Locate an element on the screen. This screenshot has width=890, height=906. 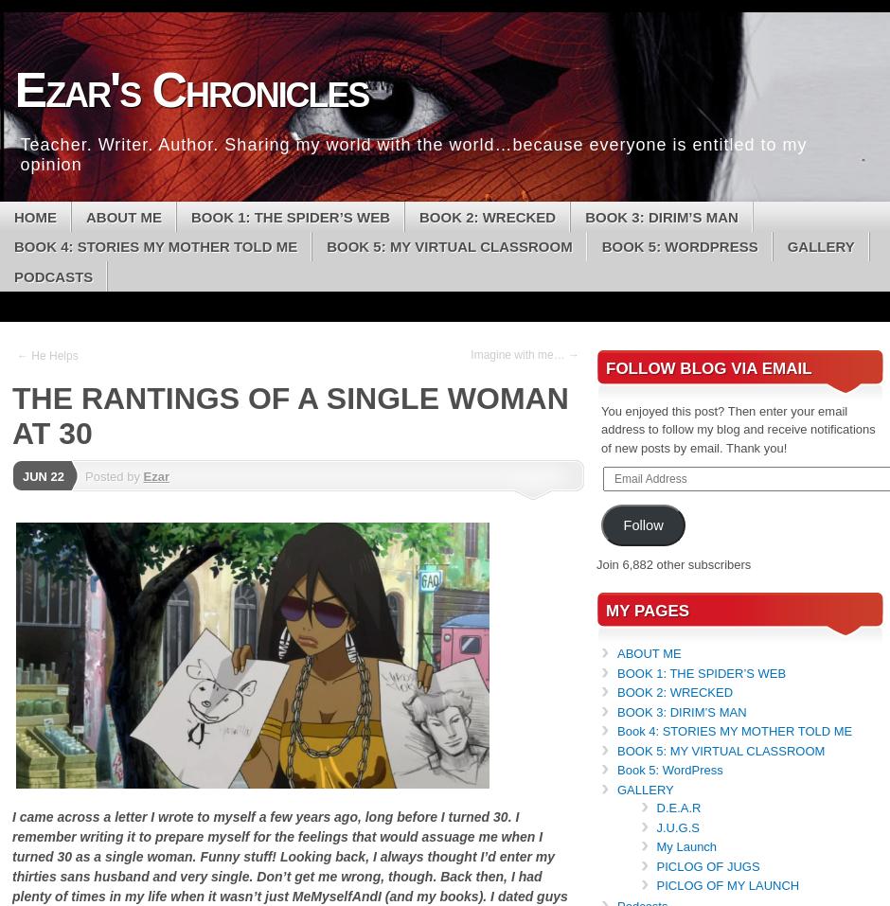
'Podcasts' is located at coordinates (52, 275).